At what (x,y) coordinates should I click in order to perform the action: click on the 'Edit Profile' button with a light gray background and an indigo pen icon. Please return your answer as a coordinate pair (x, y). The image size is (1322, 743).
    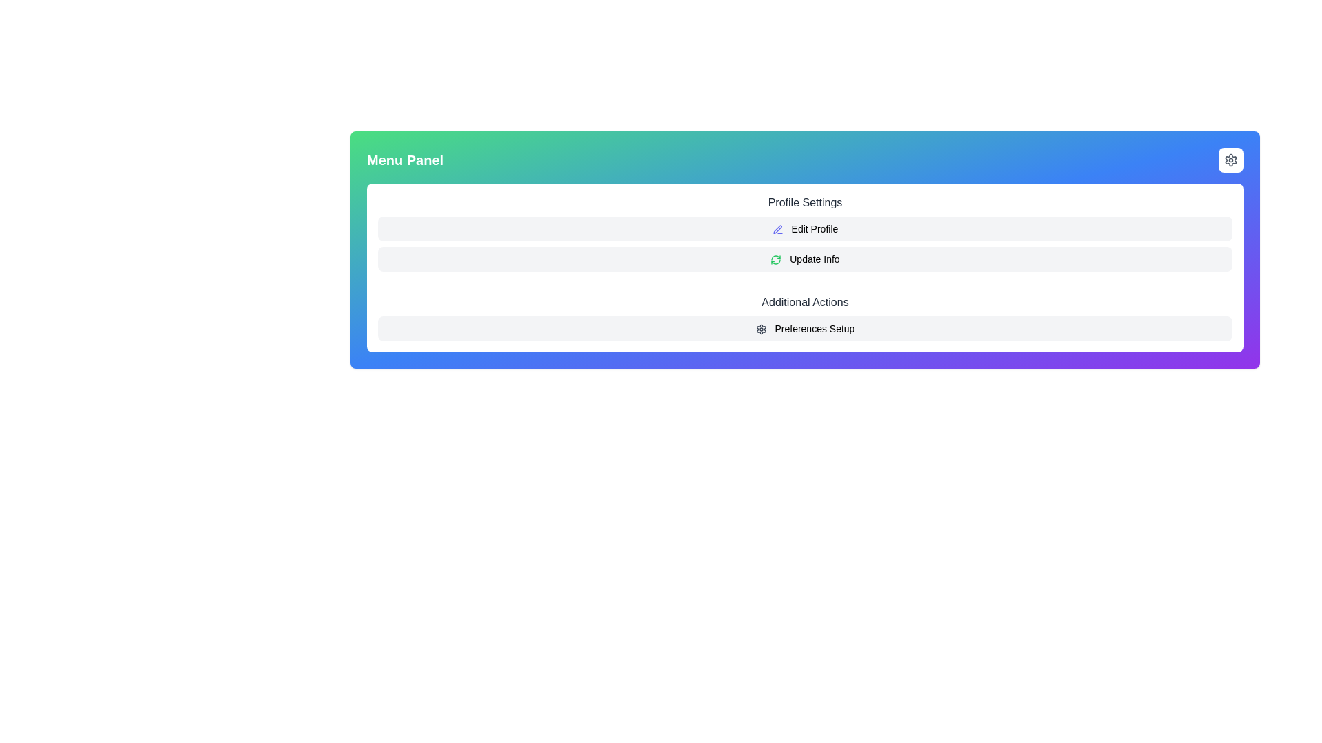
    Looking at the image, I should click on (805, 228).